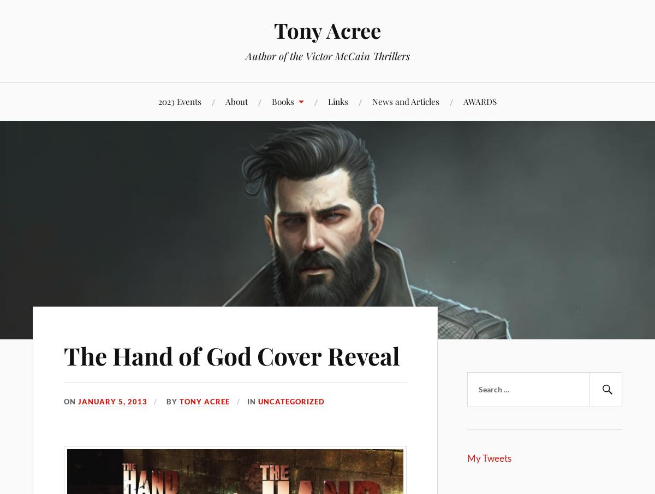  What do you see at coordinates (231, 355) in the screenshot?
I see `'The Hand of God Cover Reveal'` at bounding box center [231, 355].